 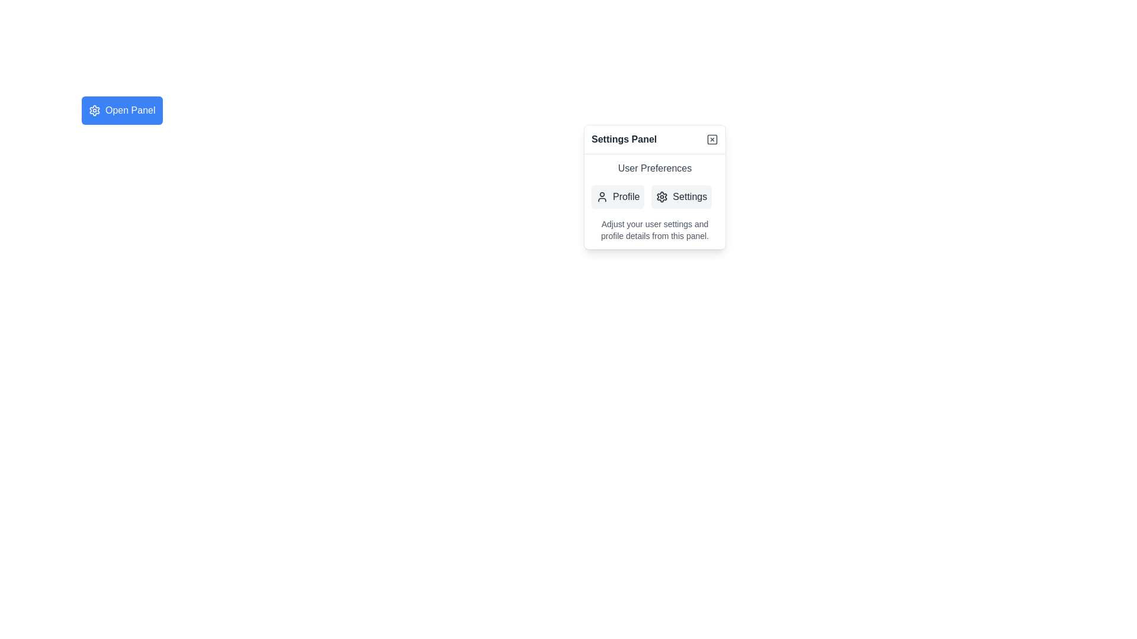 What do you see at coordinates (122, 110) in the screenshot?
I see `the blue rectangular button labeled 'Open Panel' with a settings gear icon` at bounding box center [122, 110].